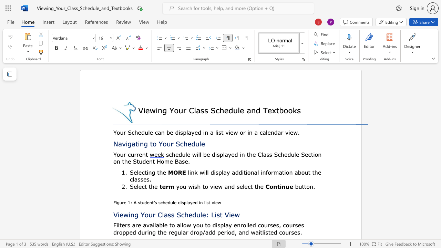 Image resolution: width=441 pixels, height=248 pixels. What do you see at coordinates (290, 110) in the screenshot?
I see `the 3th character "o" in the text` at bounding box center [290, 110].